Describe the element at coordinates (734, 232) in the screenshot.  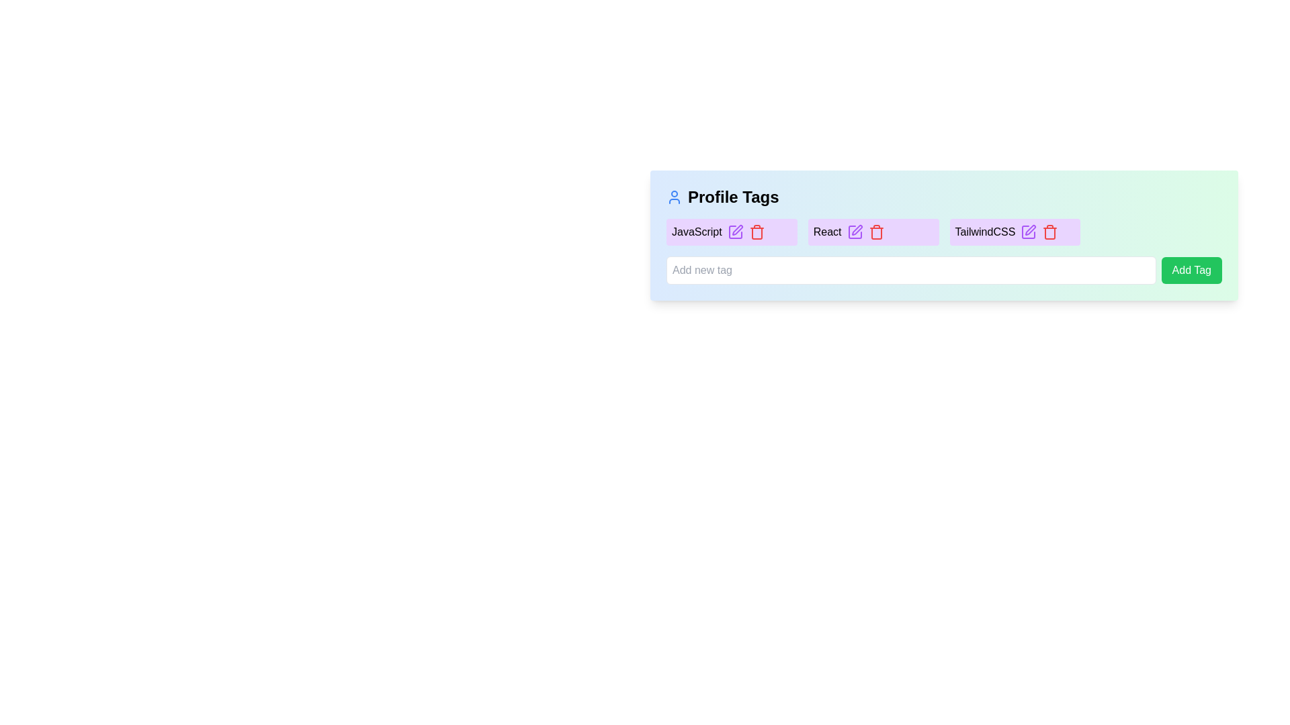
I see `the purple square icon with a pen drawing inside it, located to the immediate right of the 'JavaScript' text` at that location.